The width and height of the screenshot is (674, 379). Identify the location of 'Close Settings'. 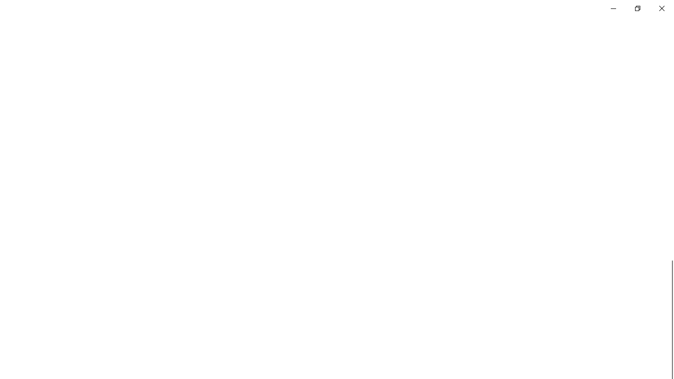
(661, 8).